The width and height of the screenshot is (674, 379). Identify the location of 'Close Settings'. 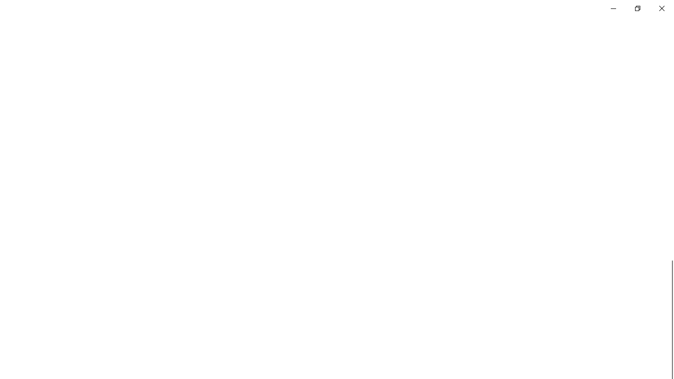
(661, 8).